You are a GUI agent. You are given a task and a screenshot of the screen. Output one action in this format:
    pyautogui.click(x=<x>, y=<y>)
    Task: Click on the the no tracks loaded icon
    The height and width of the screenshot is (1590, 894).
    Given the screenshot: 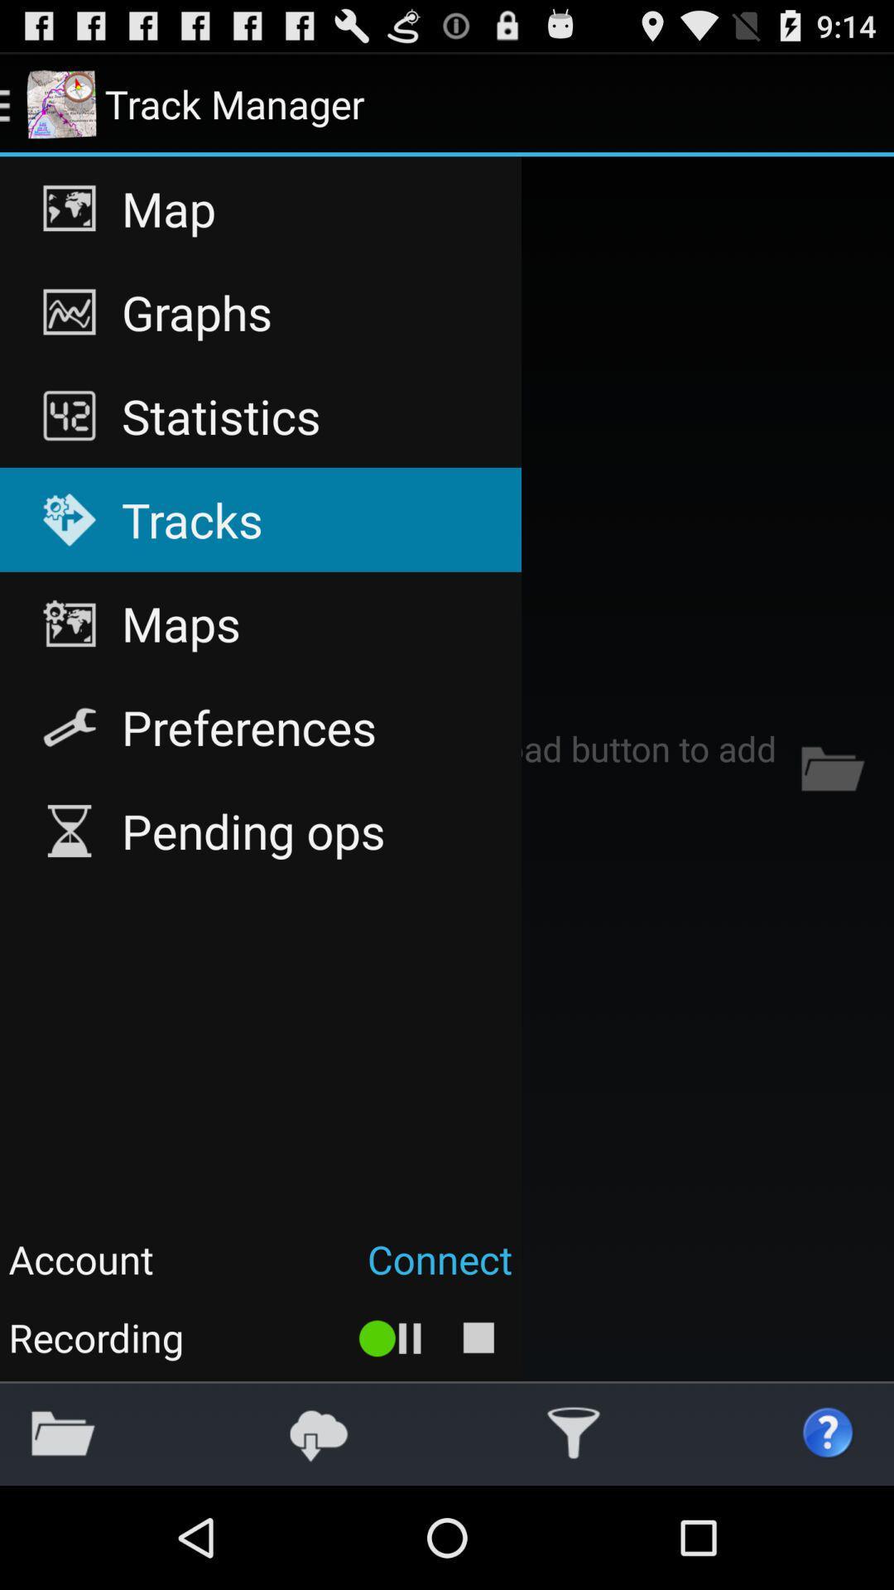 What is the action you would take?
    pyautogui.click(x=447, y=768)
    